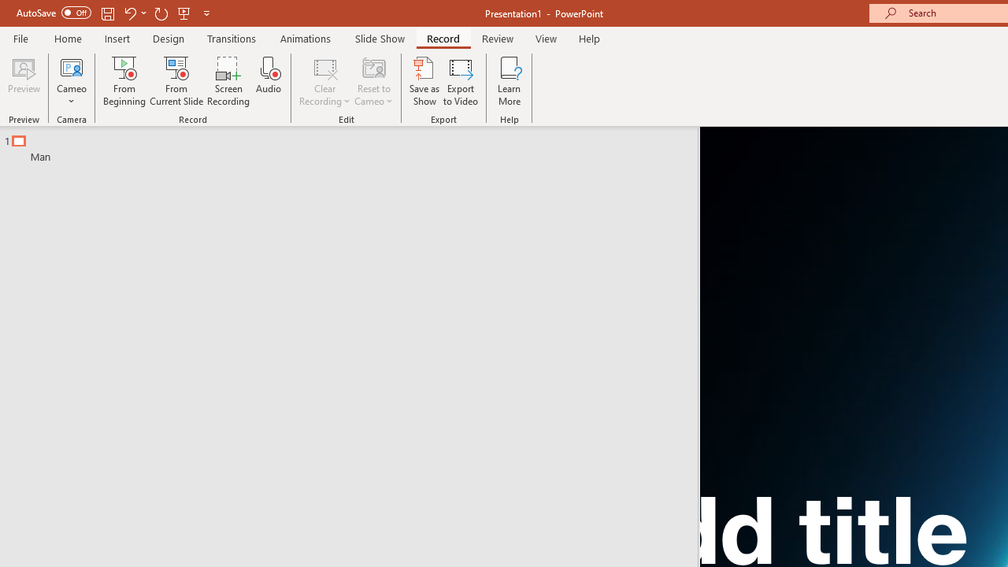 This screenshot has height=567, width=1008. I want to click on 'Audio', so click(269, 81).